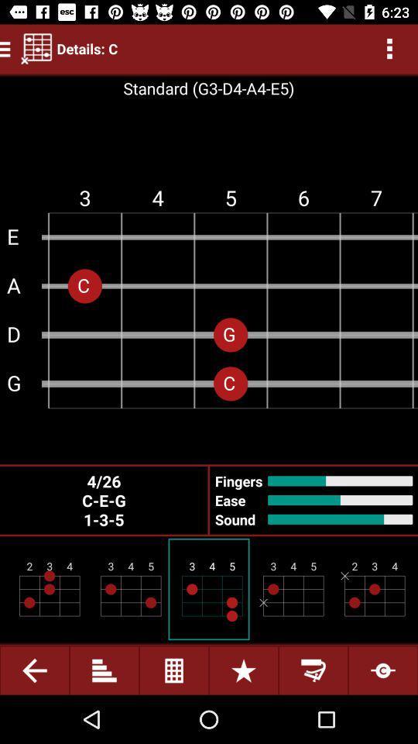 Image resolution: width=418 pixels, height=744 pixels. Describe the element at coordinates (7, 48) in the screenshot. I see `the menu icon` at that location.